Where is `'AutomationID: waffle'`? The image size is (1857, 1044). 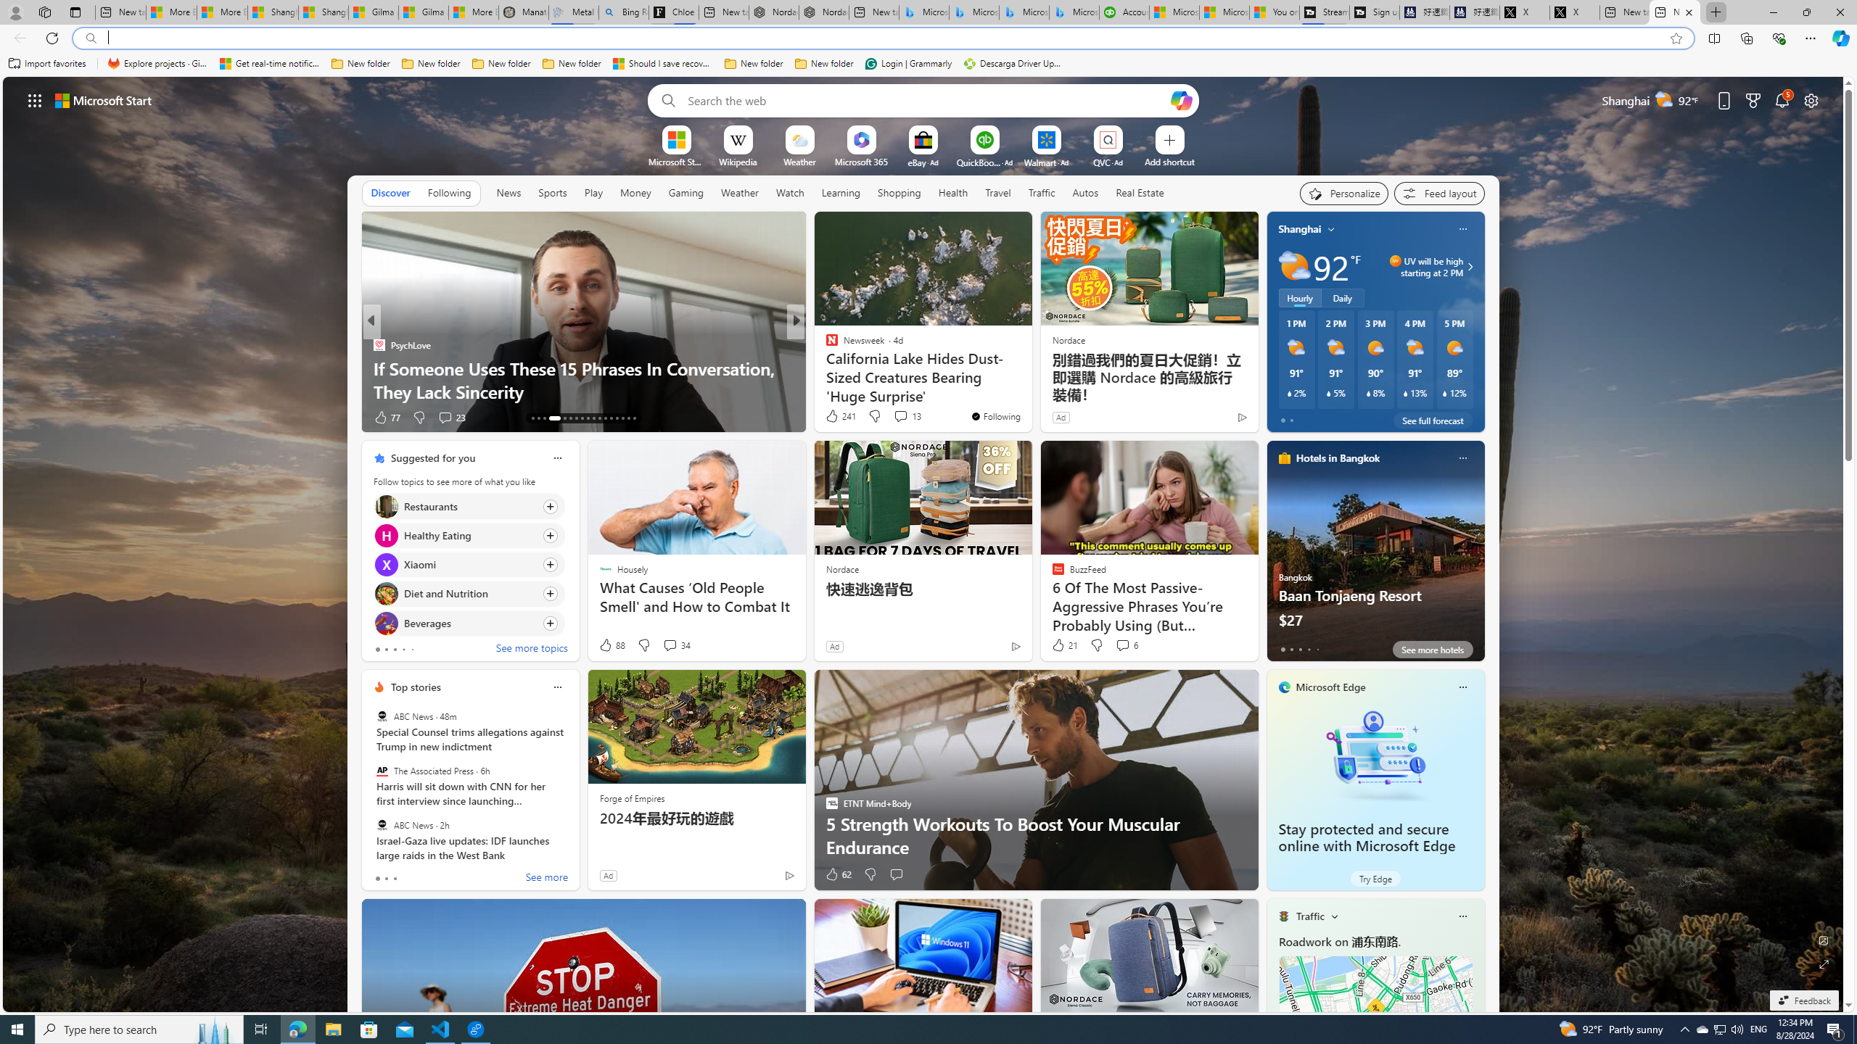 'AutomationID: waffle' is located at coordinates (35, 99).